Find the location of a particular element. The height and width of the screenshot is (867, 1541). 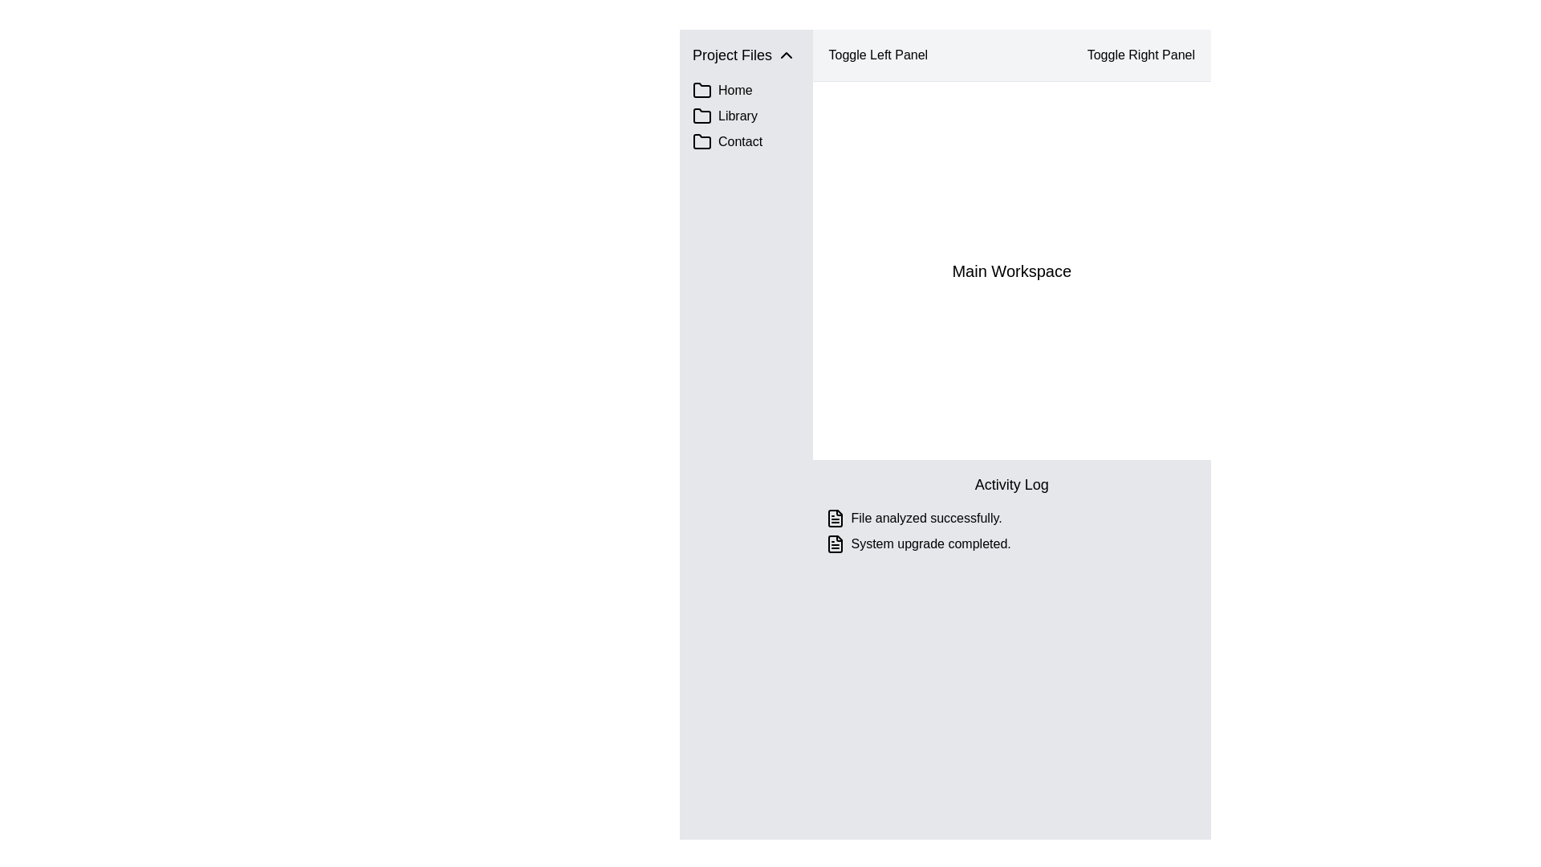

the document or file icon in the 'Activity Log' section, located near the text 'File analyzed successfully' is located at coordinates (835, 543).